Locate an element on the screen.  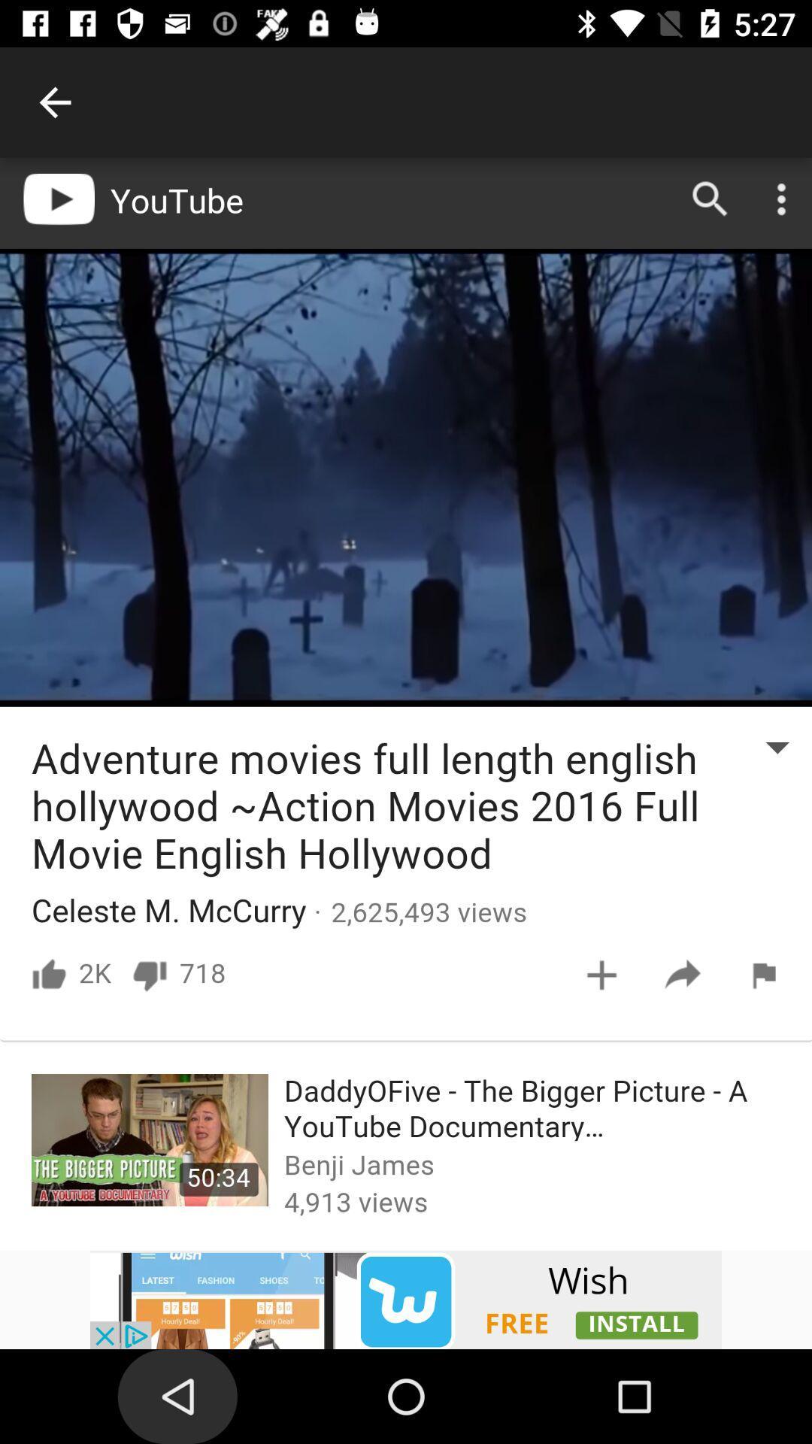
open advertisement is located at coordinates (406, 1299).